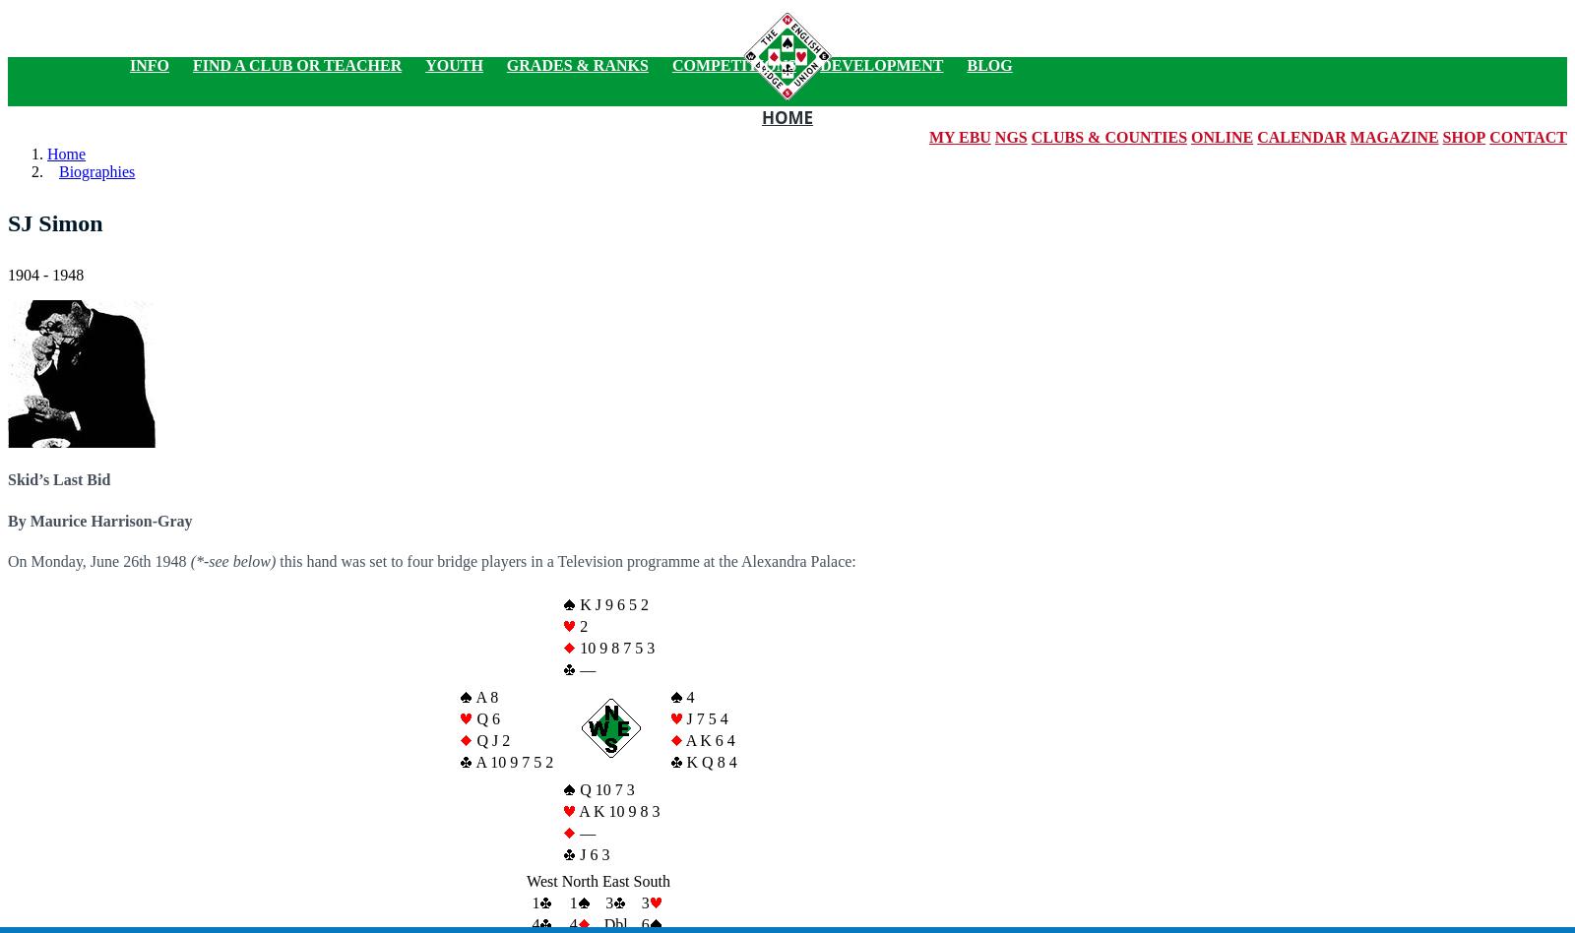 The height and width of the screenshot is (933, 1575). Describe the element at coordinates (614, 922) in the screenshot. I see `'Dbl'` at that location.